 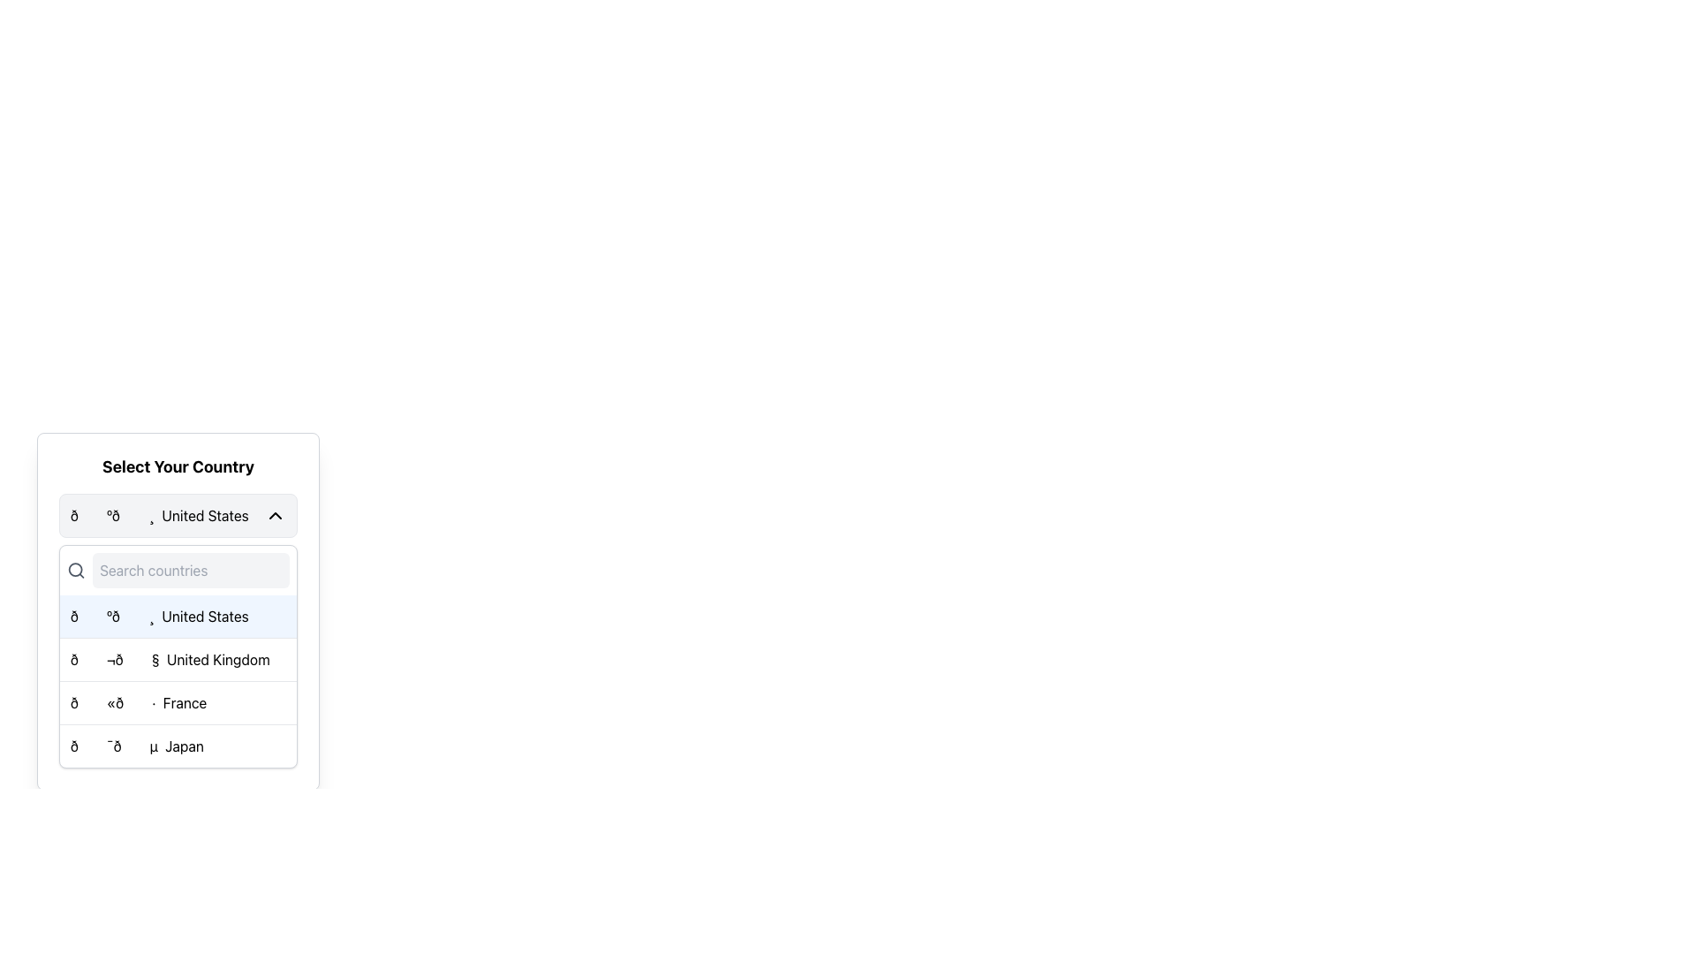 I want to click on the 'United States' label in the dropdown menu, which is a text label next to the corresponding flag icon, so click(x=205, y=515).